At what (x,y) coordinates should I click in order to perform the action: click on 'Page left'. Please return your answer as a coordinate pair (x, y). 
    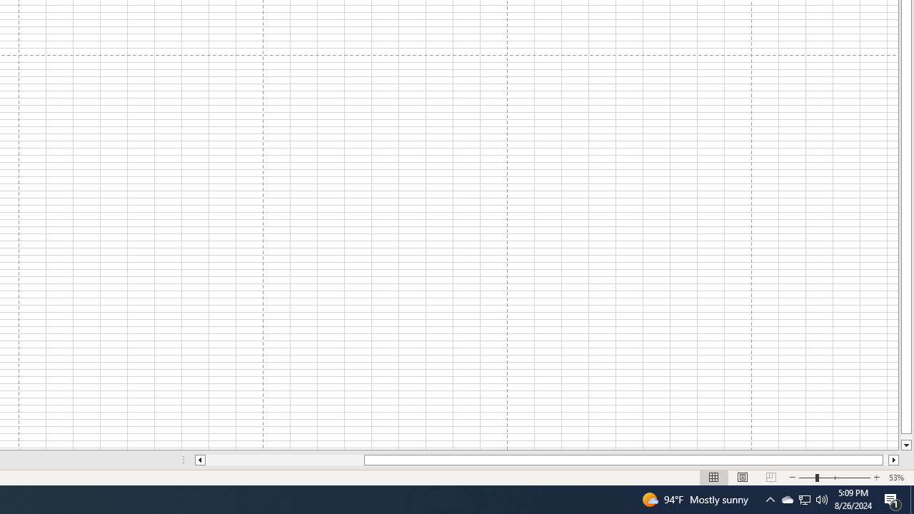
    Looking at the image, I should click on (284, 460).